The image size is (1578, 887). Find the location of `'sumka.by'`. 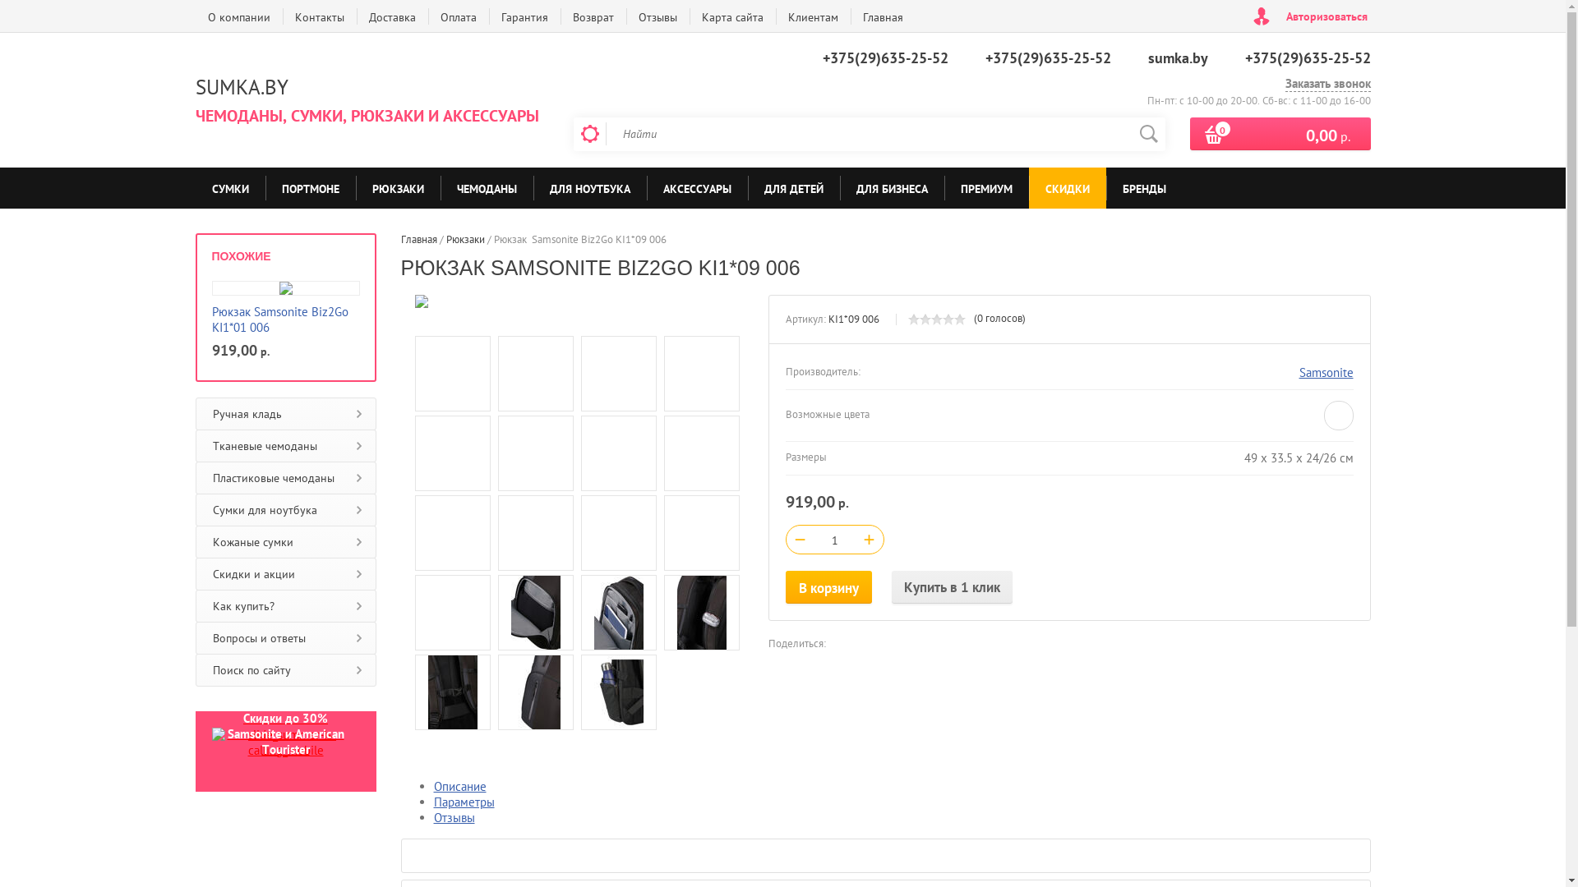

'sumka.by' is located at coordinates (1147, 57).